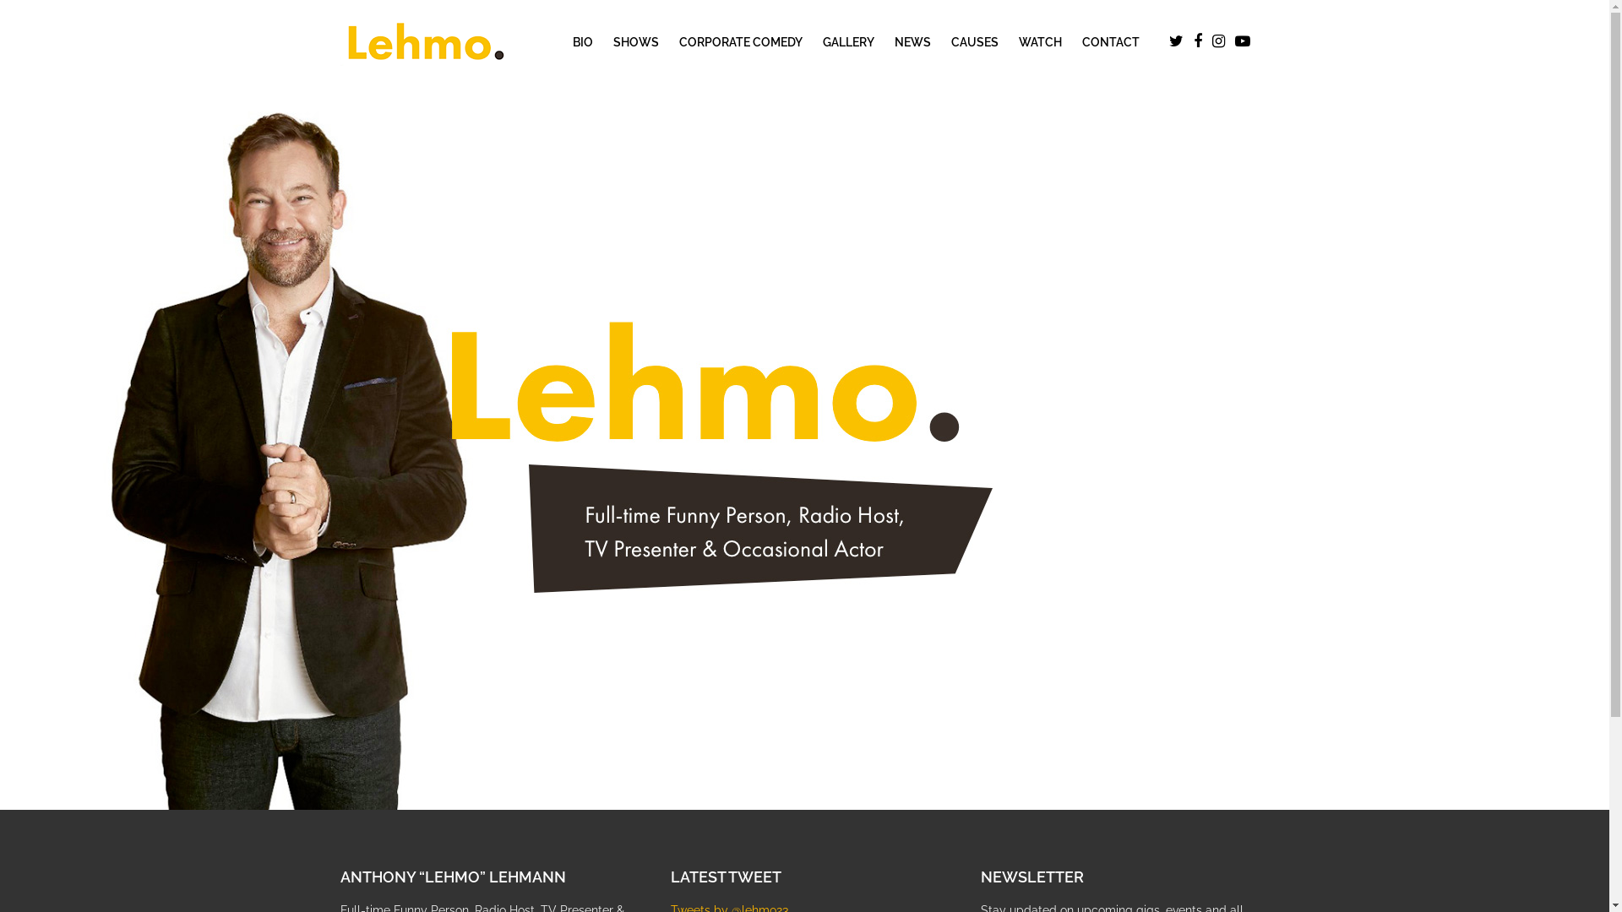 The width and height of the screenshot is (1622, 912). What do you see at coordinates (1110, 41) in the screenshot?
I see `'CONTACT'` at bounding box center [1110, 41].